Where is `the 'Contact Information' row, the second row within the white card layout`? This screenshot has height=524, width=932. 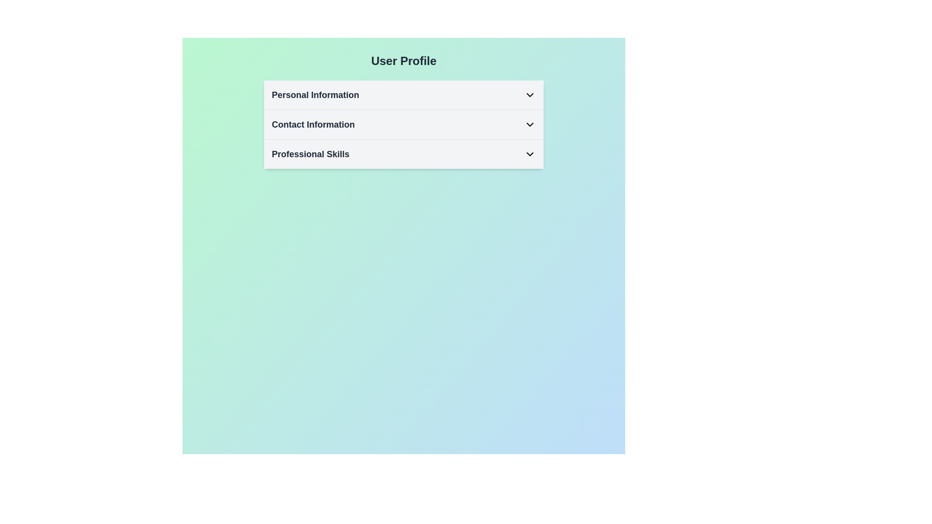
the 'Contact Information' row, the second row within the white card layout is located at coordinates (403, 124).